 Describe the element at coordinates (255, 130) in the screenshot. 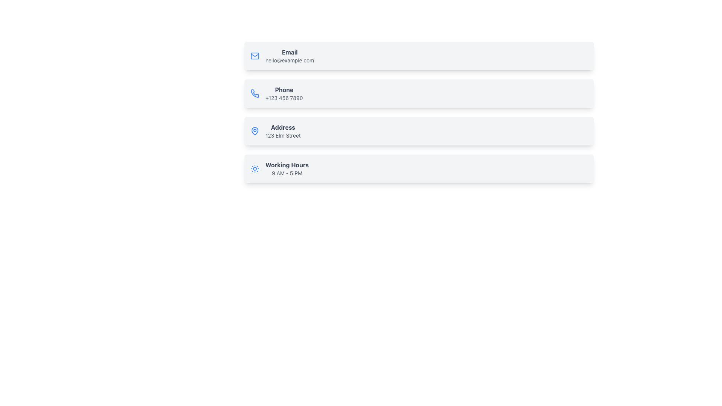

I see `the map pin icon located on the left side of the text 'Address 123 Elm Street', which is the first icon in the 'Address' entry block, the third entry in a vertical list of information blocks` at that location.